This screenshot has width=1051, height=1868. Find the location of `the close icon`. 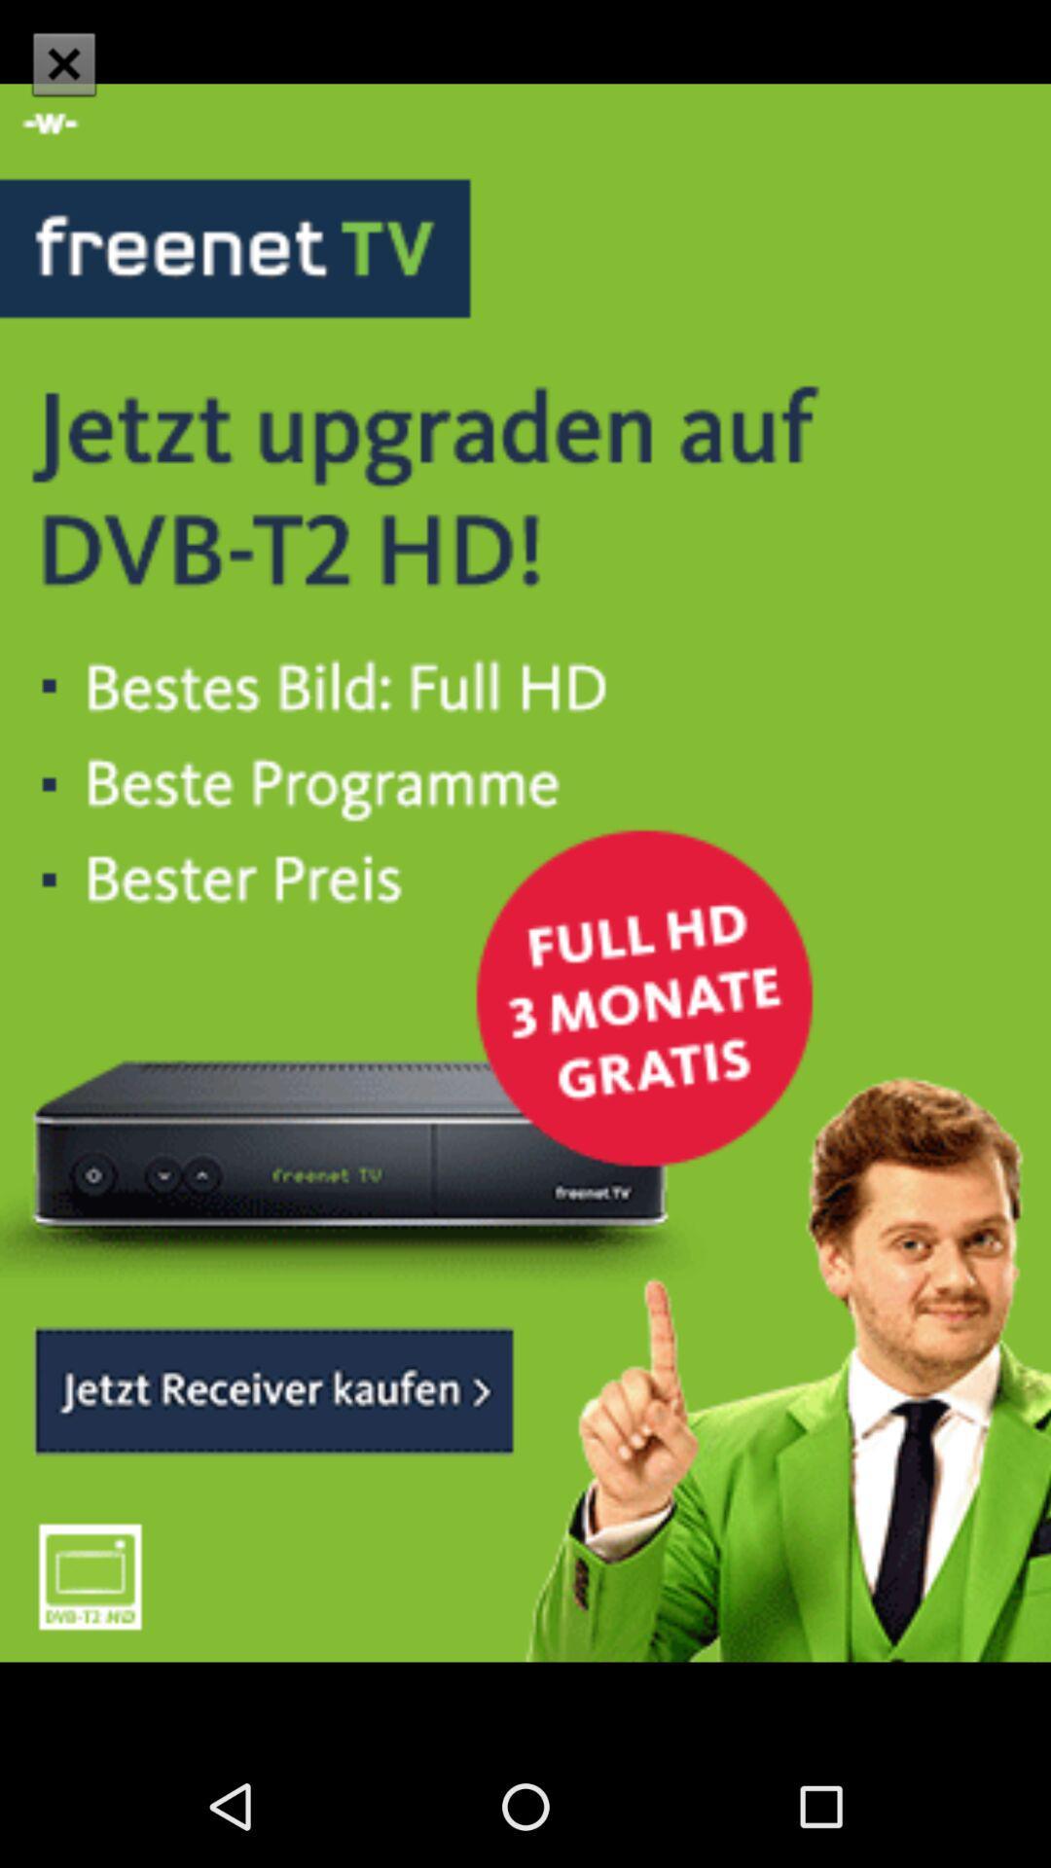

the close icon is located at coordinates (62, 68).